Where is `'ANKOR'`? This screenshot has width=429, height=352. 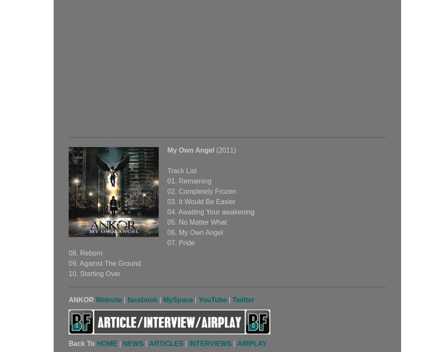
'ANKOR' is located at coordinates (82, 300).